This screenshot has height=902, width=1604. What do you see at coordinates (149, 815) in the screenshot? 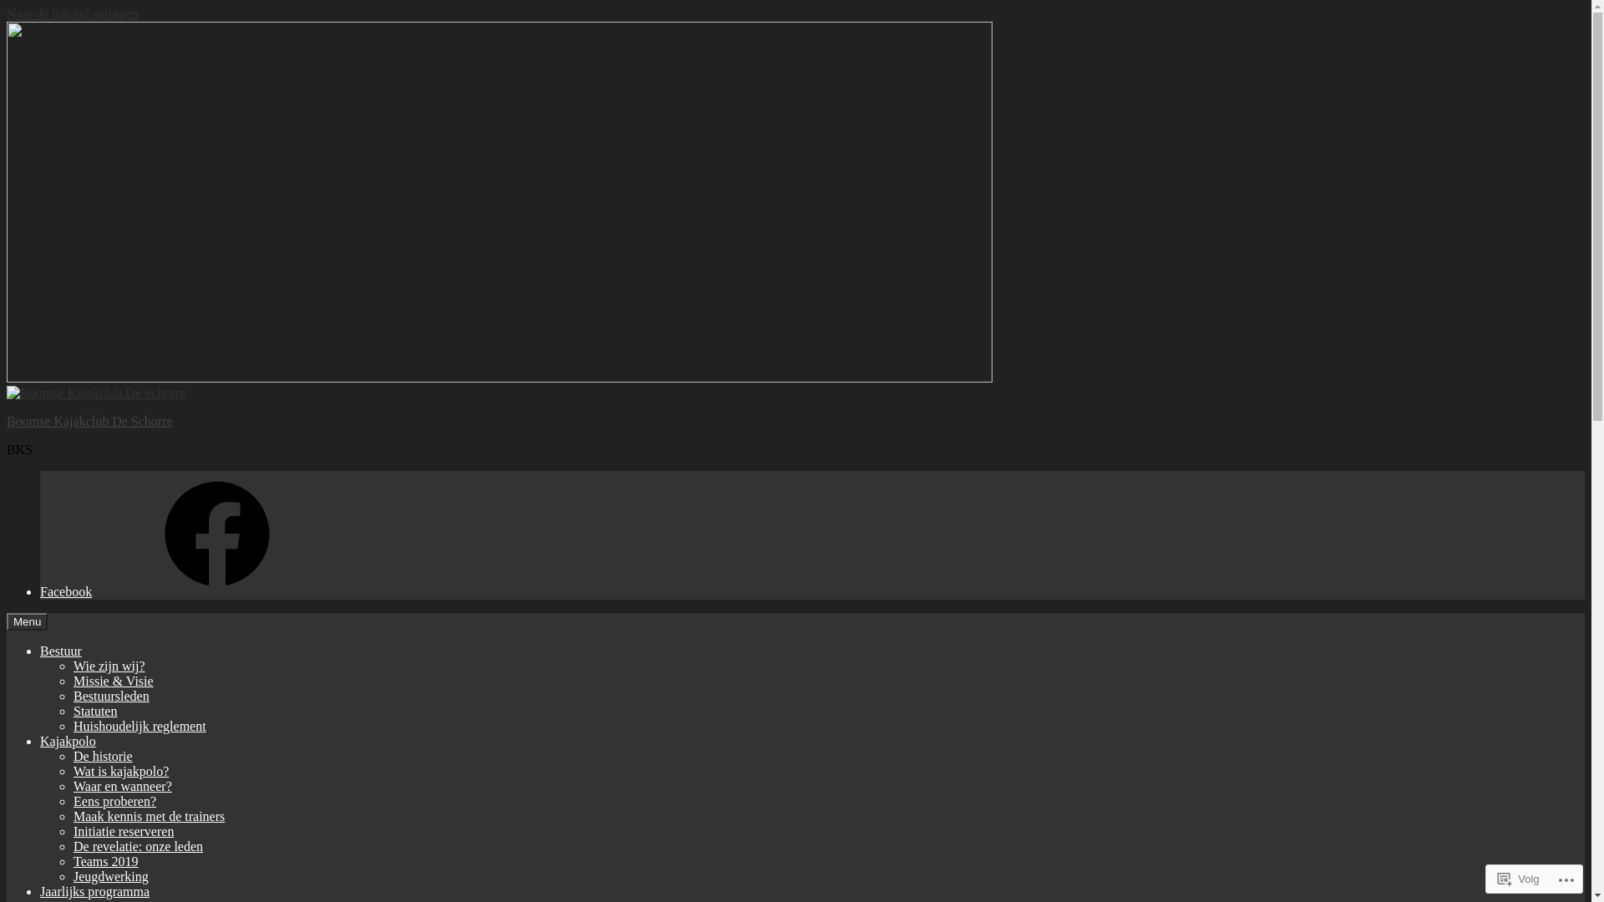
I see `'Maak kennis met de trainers'` at bounding box center [149, 815].